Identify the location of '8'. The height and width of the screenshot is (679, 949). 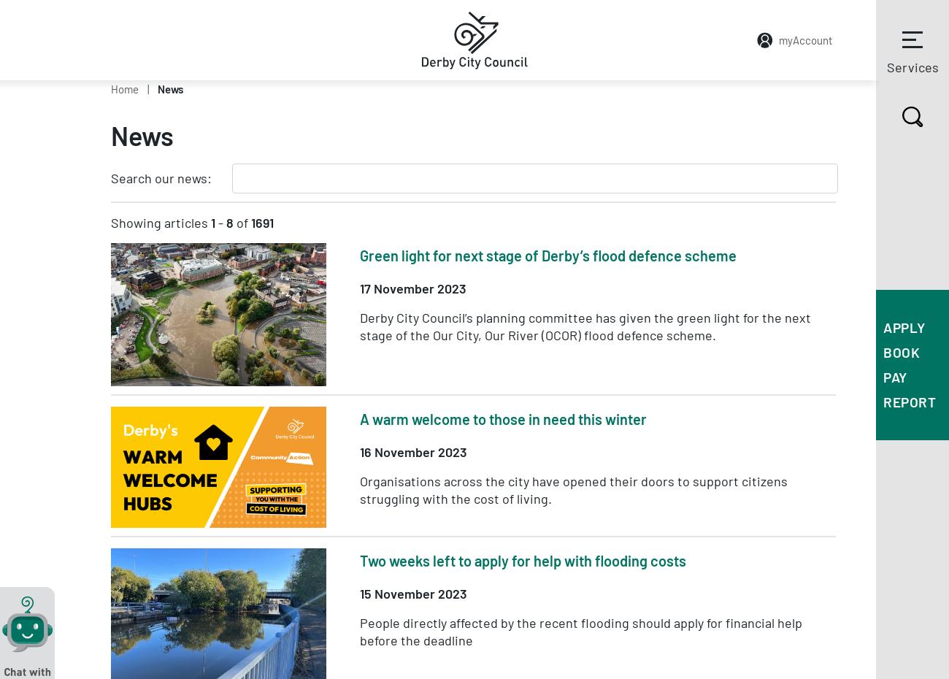
(229, 223).